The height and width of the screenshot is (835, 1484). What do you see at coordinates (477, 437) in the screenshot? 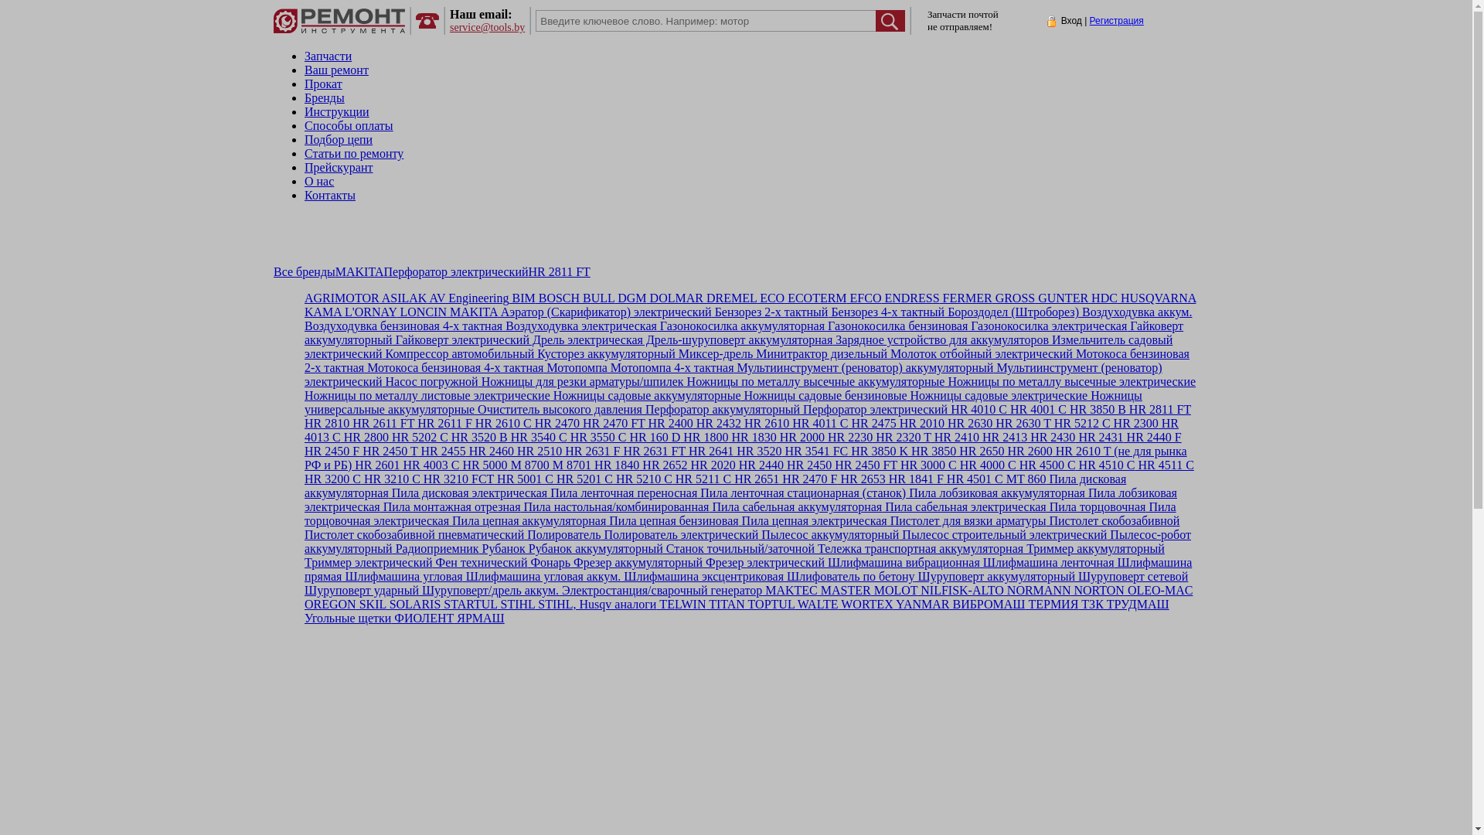
I see `'HR 3520 B'` at bounding box center [477, 437].